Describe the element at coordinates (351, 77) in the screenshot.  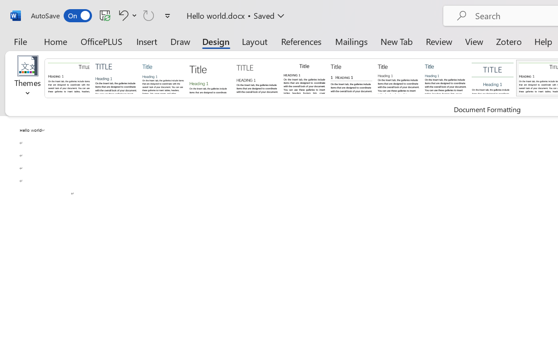
I see `'Black & White (Numbered)'` at that location.